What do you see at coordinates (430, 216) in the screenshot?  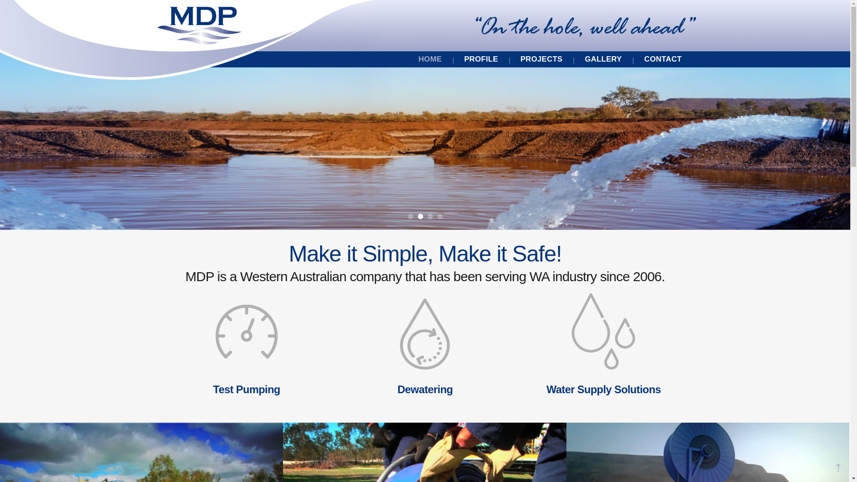 I see `'3'` at bounding box center [430, 216].